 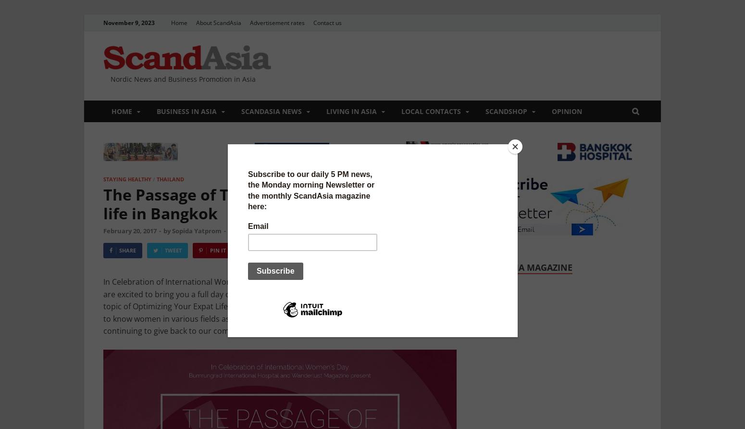 What do you see at coordinates (256, 230) in the screenshot?
I see `'Leave a Comment'` at bounding box center [256, 230].